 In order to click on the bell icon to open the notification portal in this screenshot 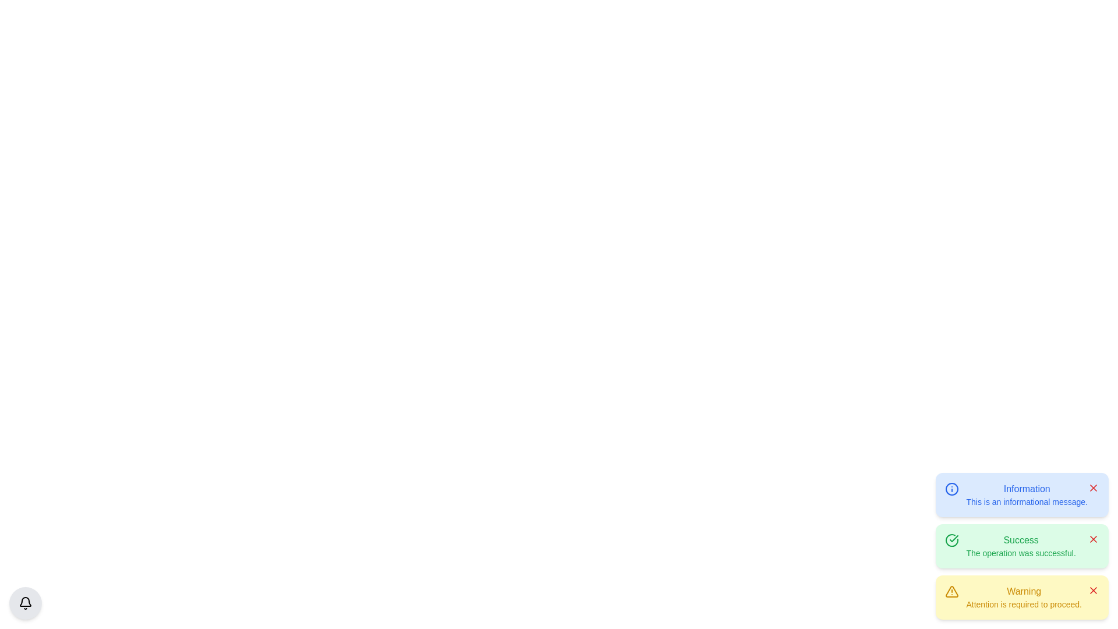, I will do `click(25, 603)`.